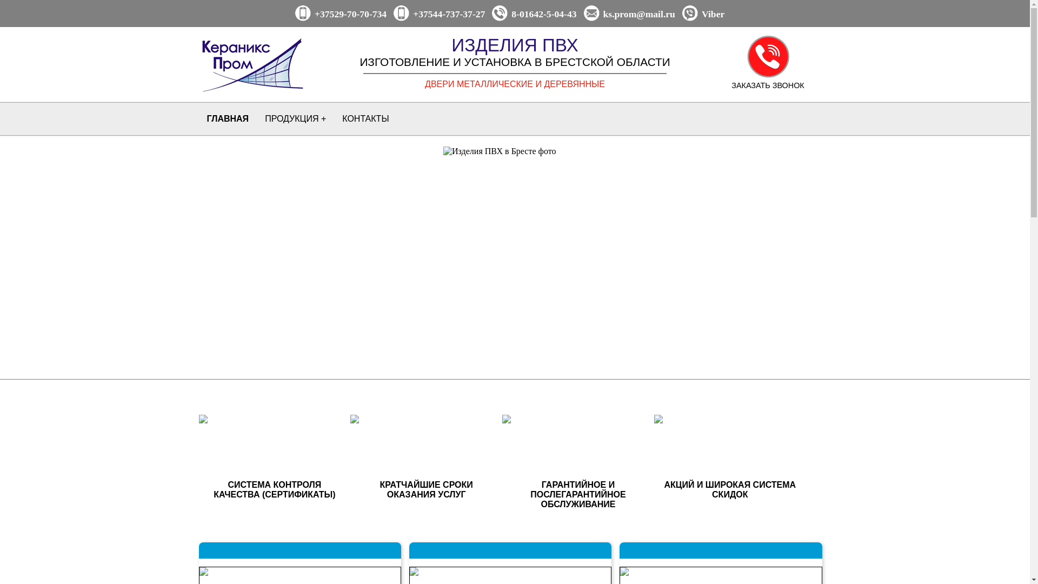 This screenshot has width=1038, height=584. Describe the element at coordinates (449, 14) in the screenshot. I see `'+37544-737-37-27'` at that location.